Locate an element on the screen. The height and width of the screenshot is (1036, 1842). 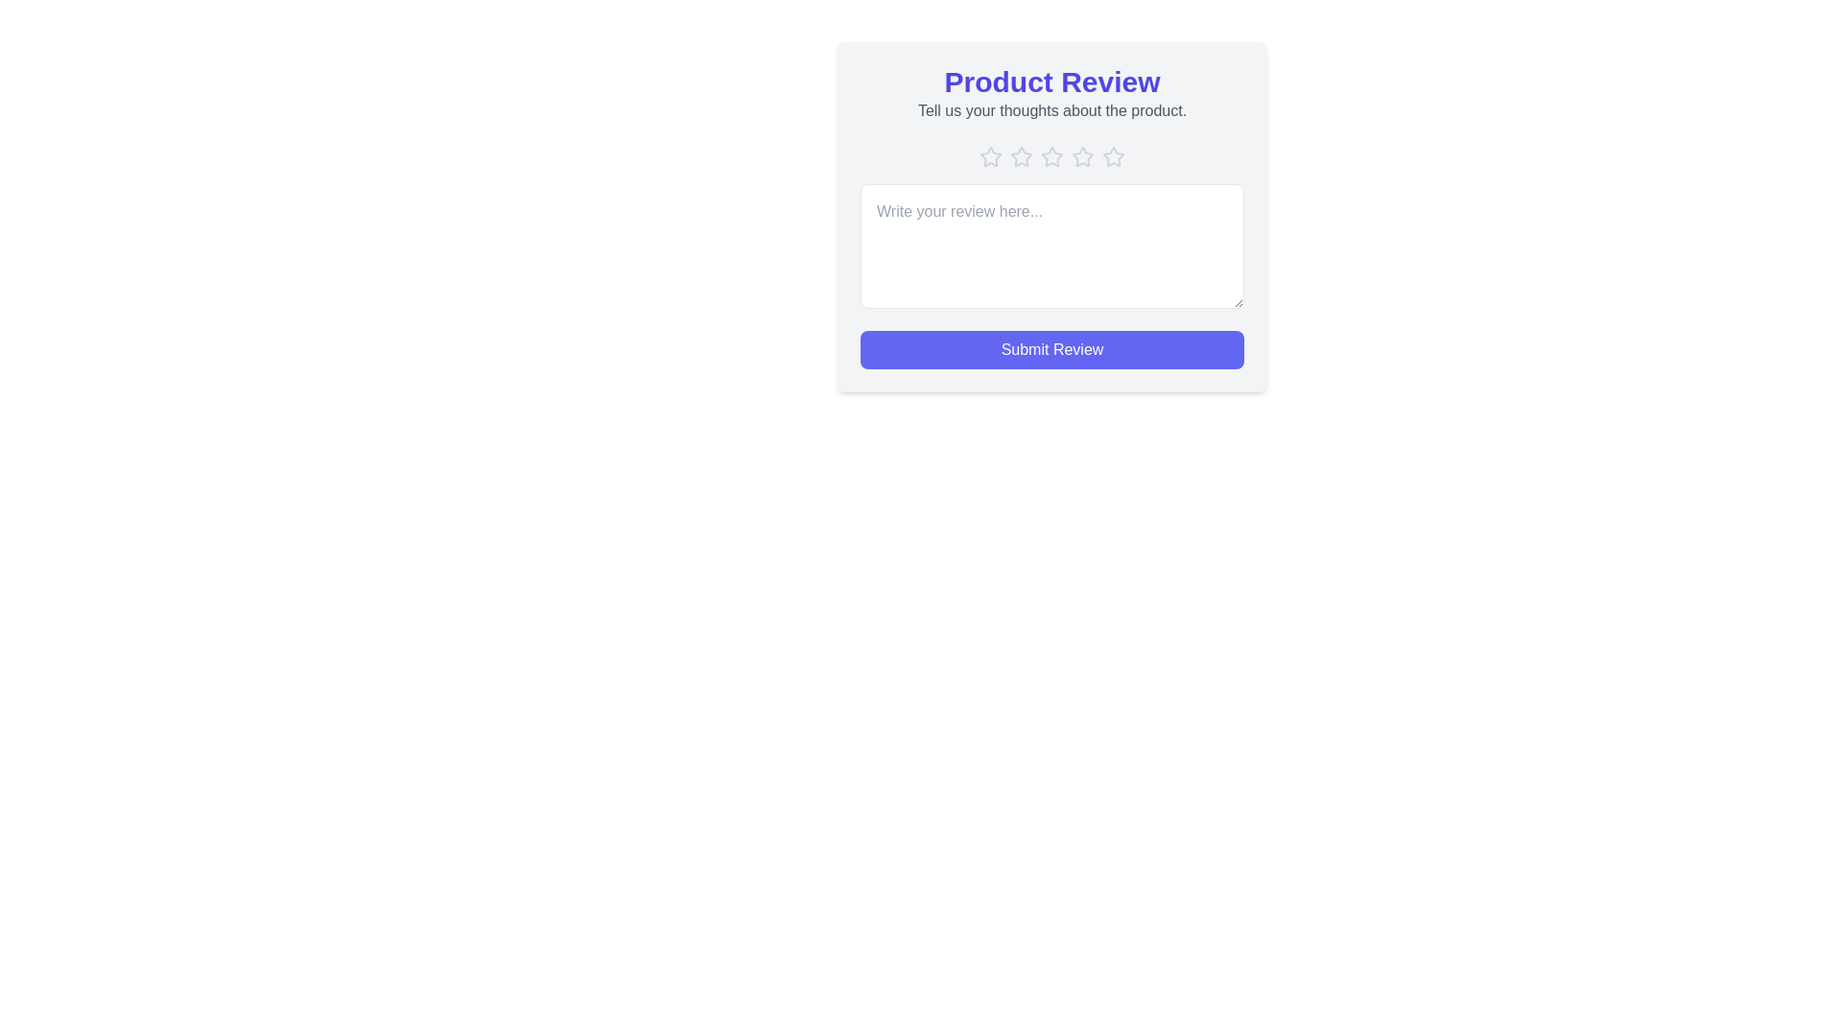
across the five outlined star icons in the Rating component is located at coordinates (1051, 156).